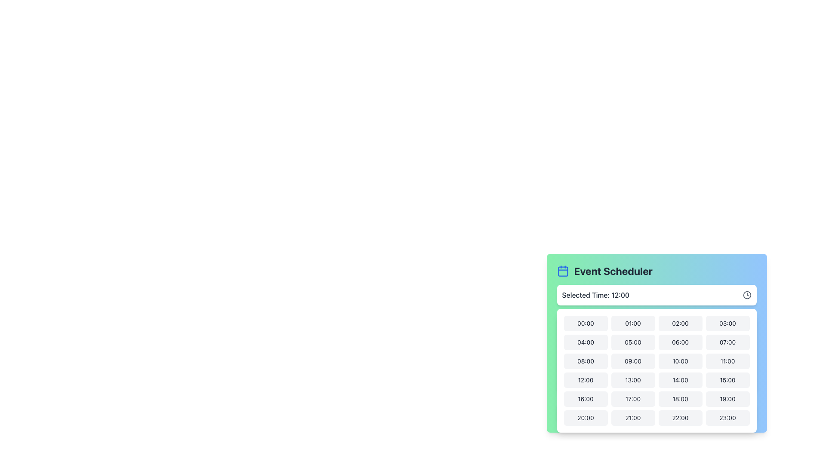 This screenshot has height=464, width=826. What do you see at coordinates (680, 361) in the screenshot?
I see `the rounded rectangular button labeled '10:00' in light gray` at bounding box center [680, 361].